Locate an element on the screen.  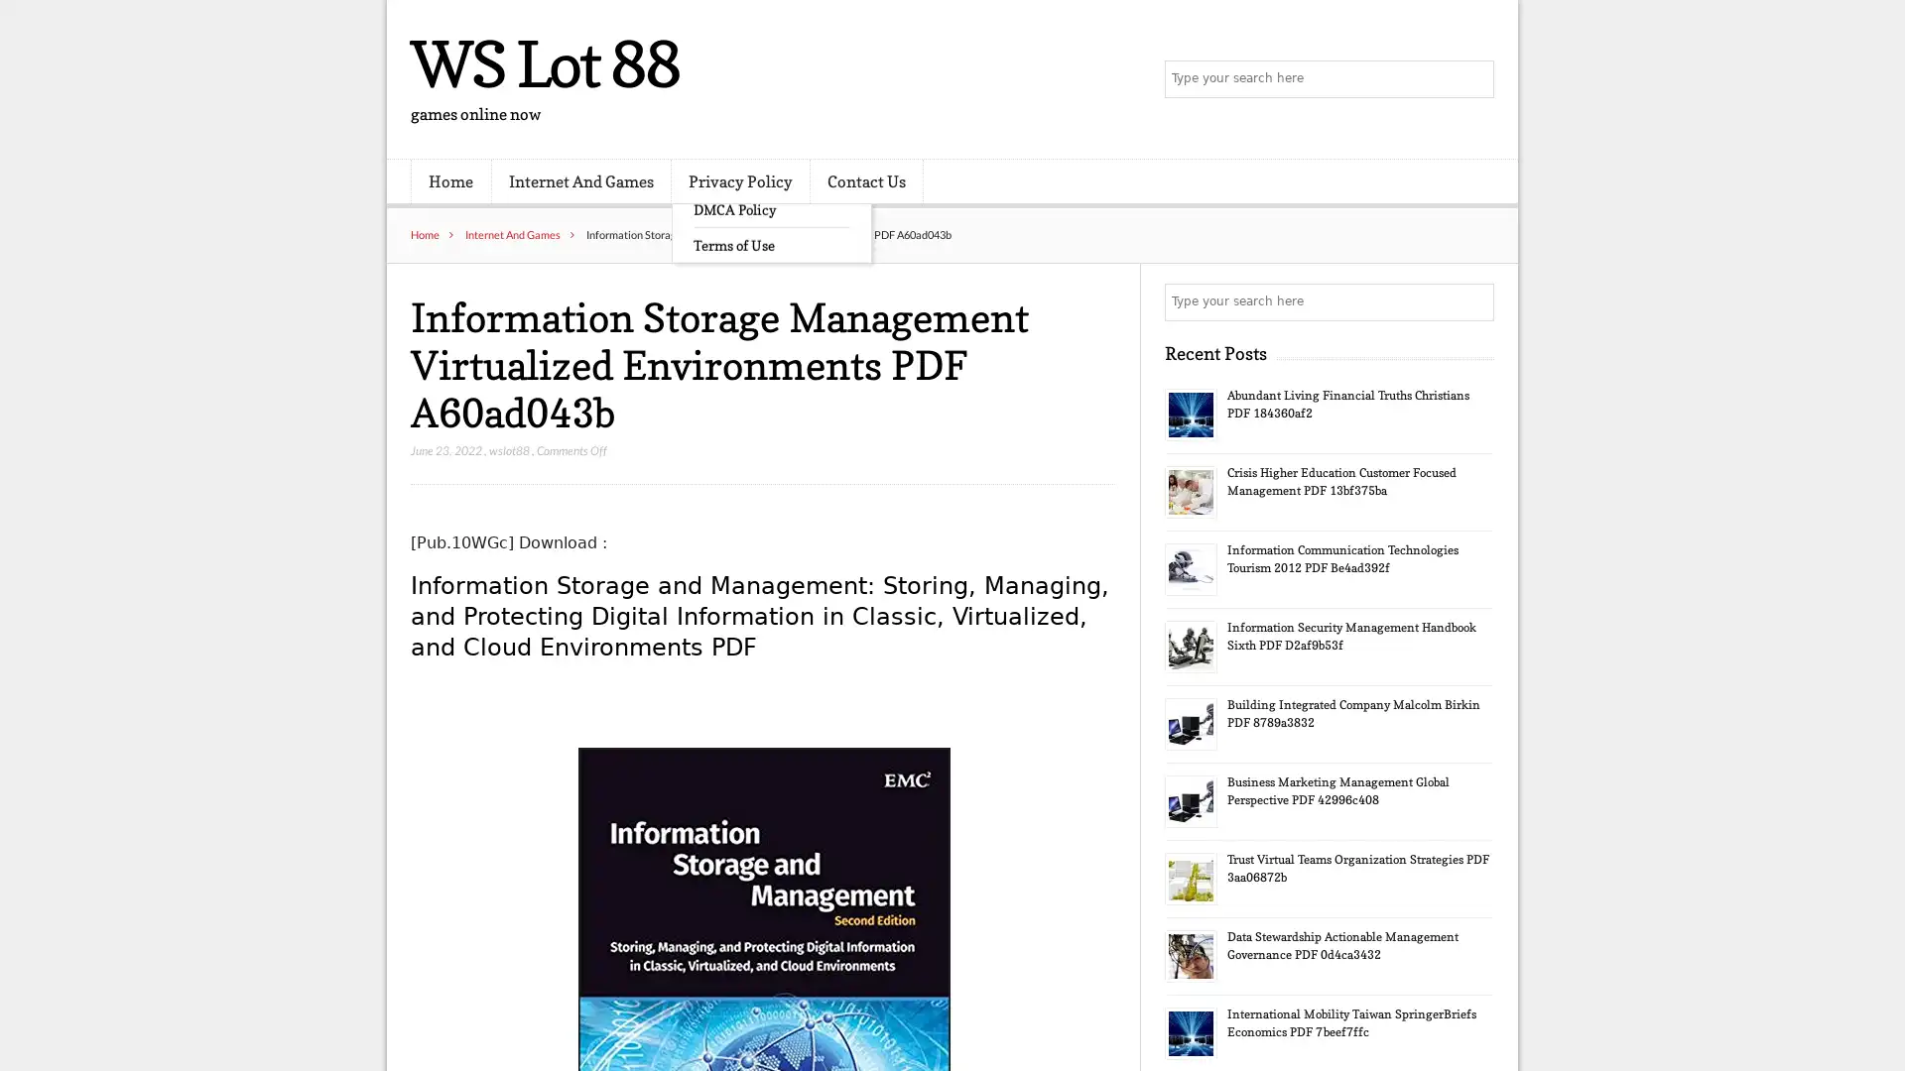
Search is located at coordinates (1473, 301).